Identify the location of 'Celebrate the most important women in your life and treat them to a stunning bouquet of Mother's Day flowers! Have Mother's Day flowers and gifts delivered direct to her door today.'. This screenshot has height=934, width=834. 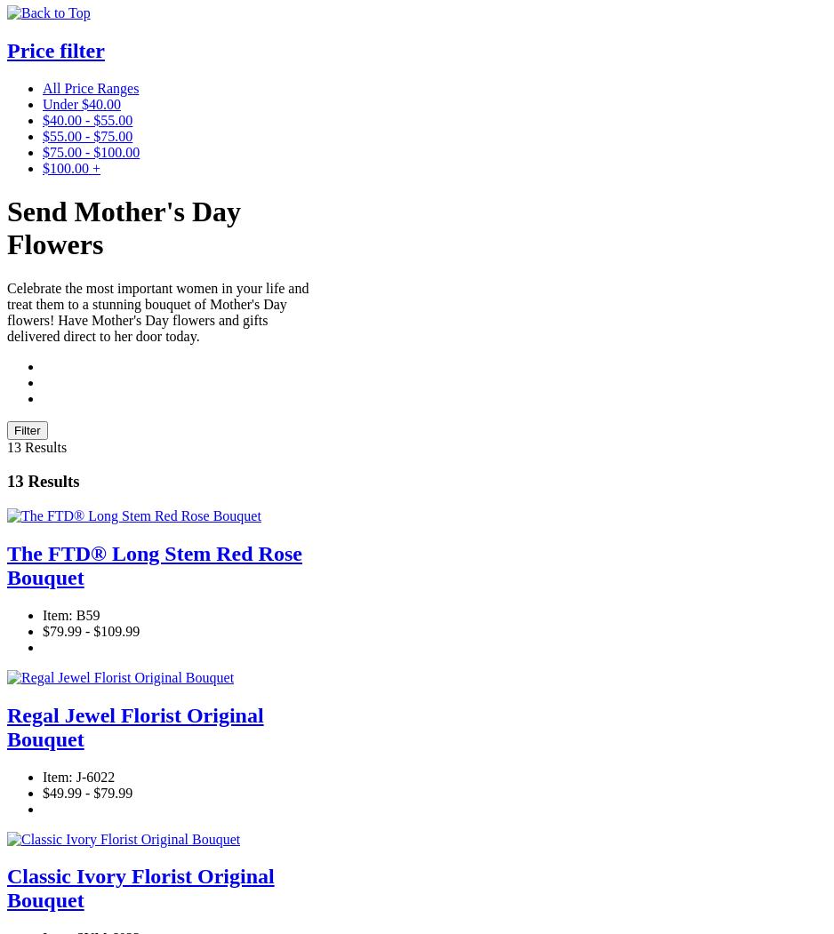
(156, 311).